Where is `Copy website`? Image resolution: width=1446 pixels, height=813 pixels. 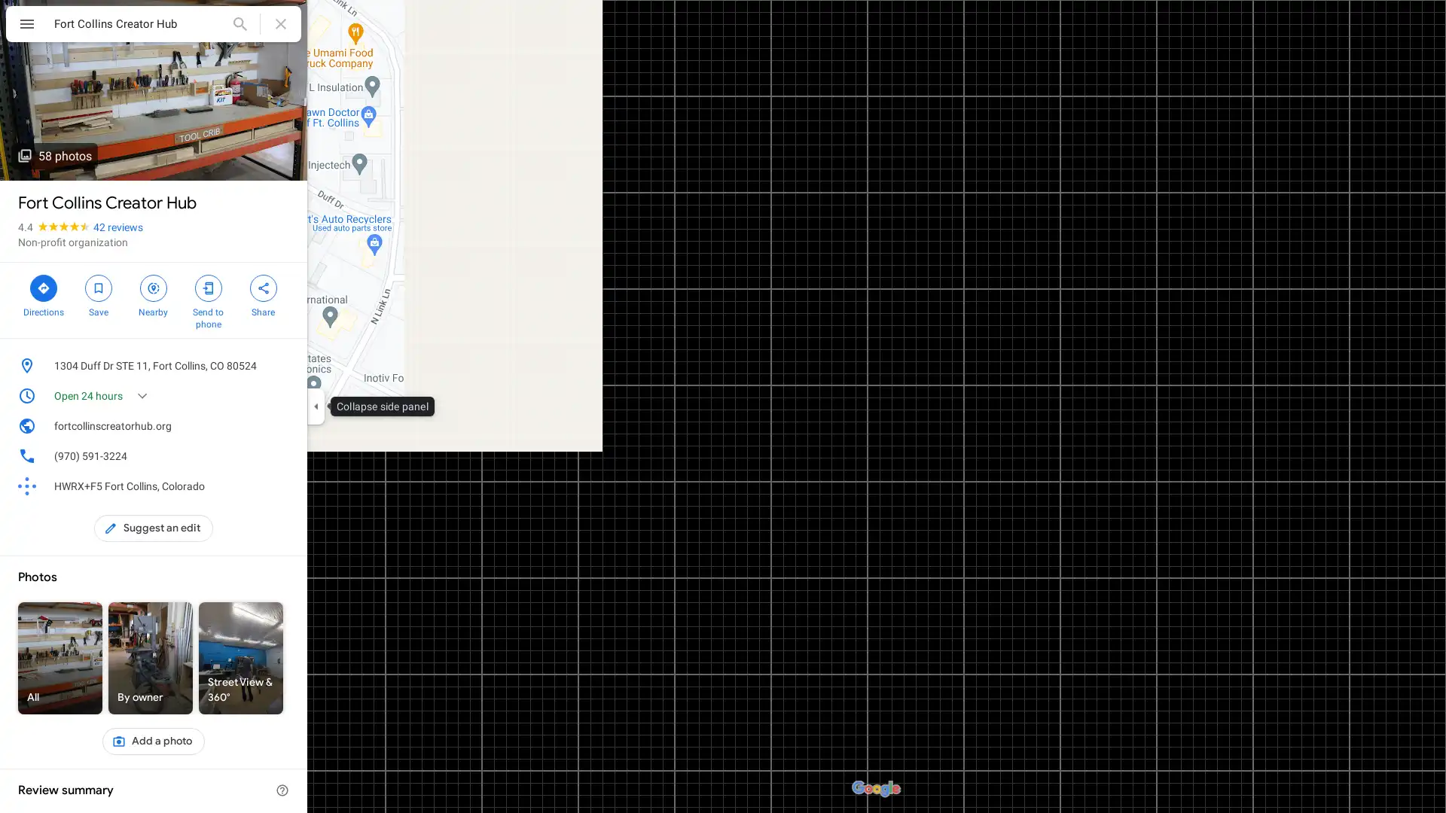
Copy website is located at coordinates (282, 426).